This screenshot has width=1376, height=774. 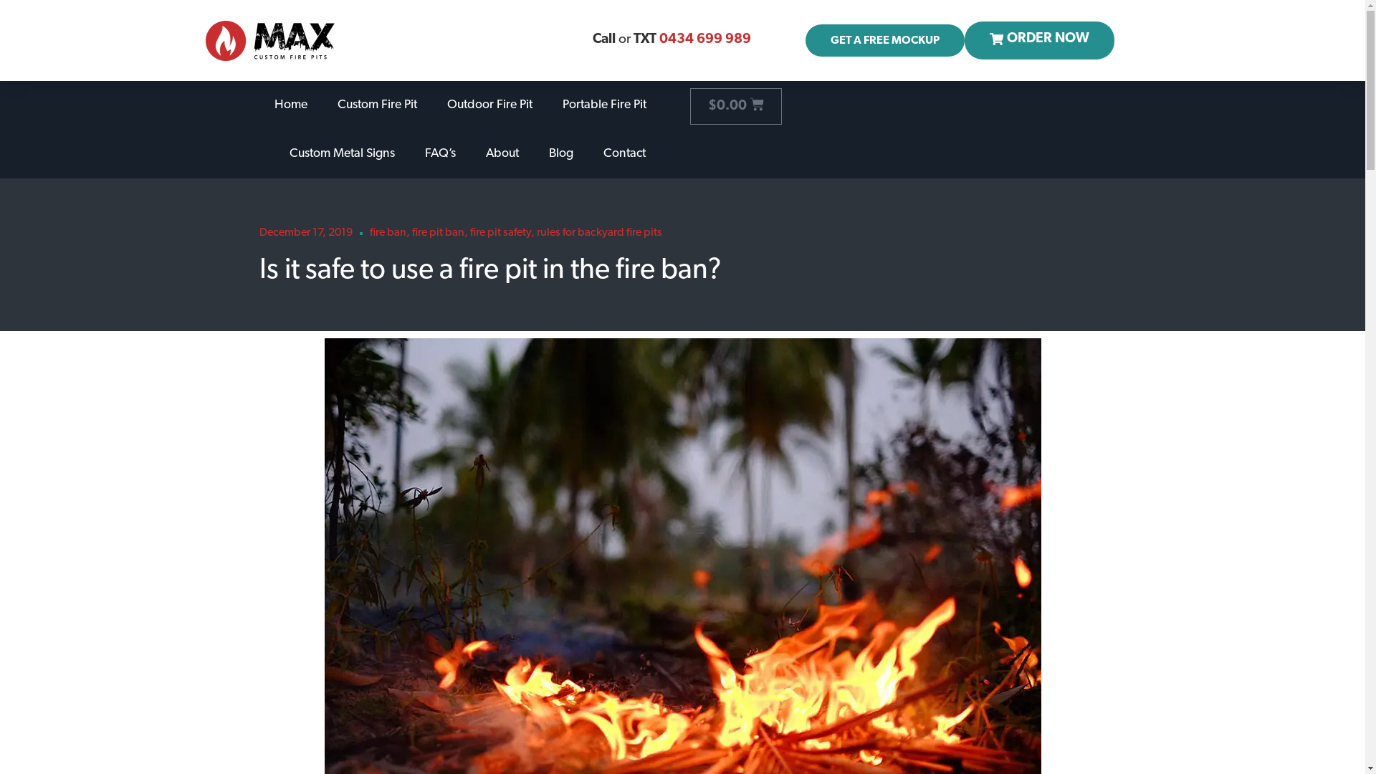 I want to click on 'Blog', so click(x=548, y=154).